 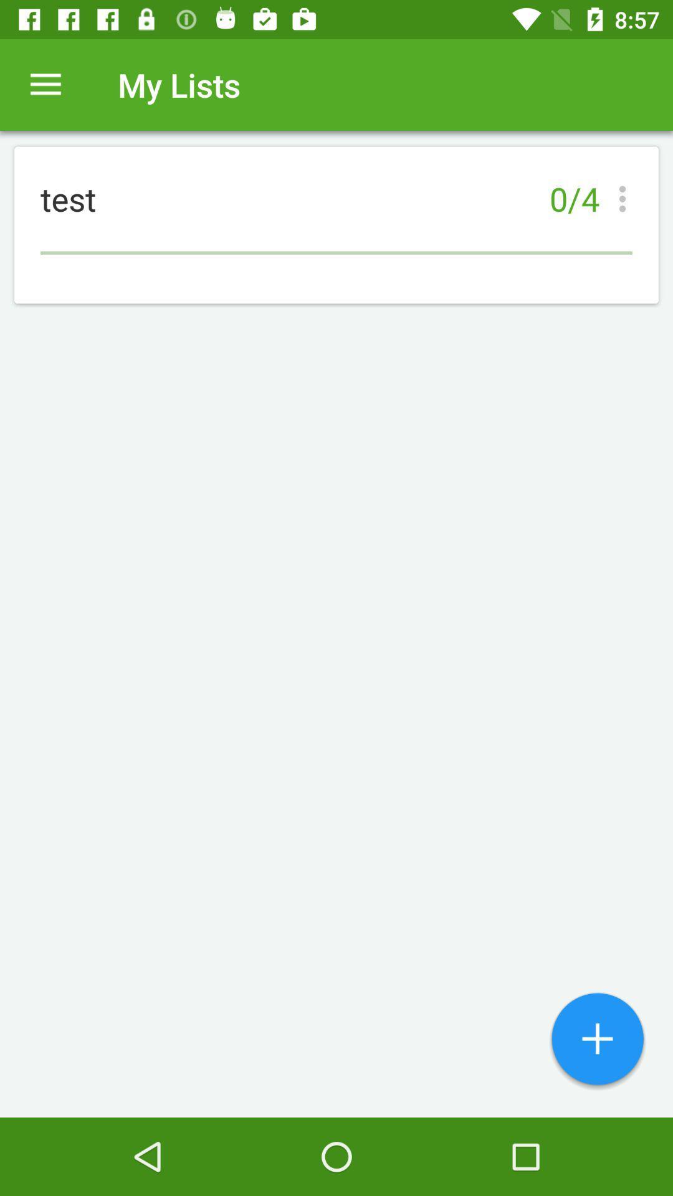 I want to click on the item to the right of test item, so click(x=626, y=198).